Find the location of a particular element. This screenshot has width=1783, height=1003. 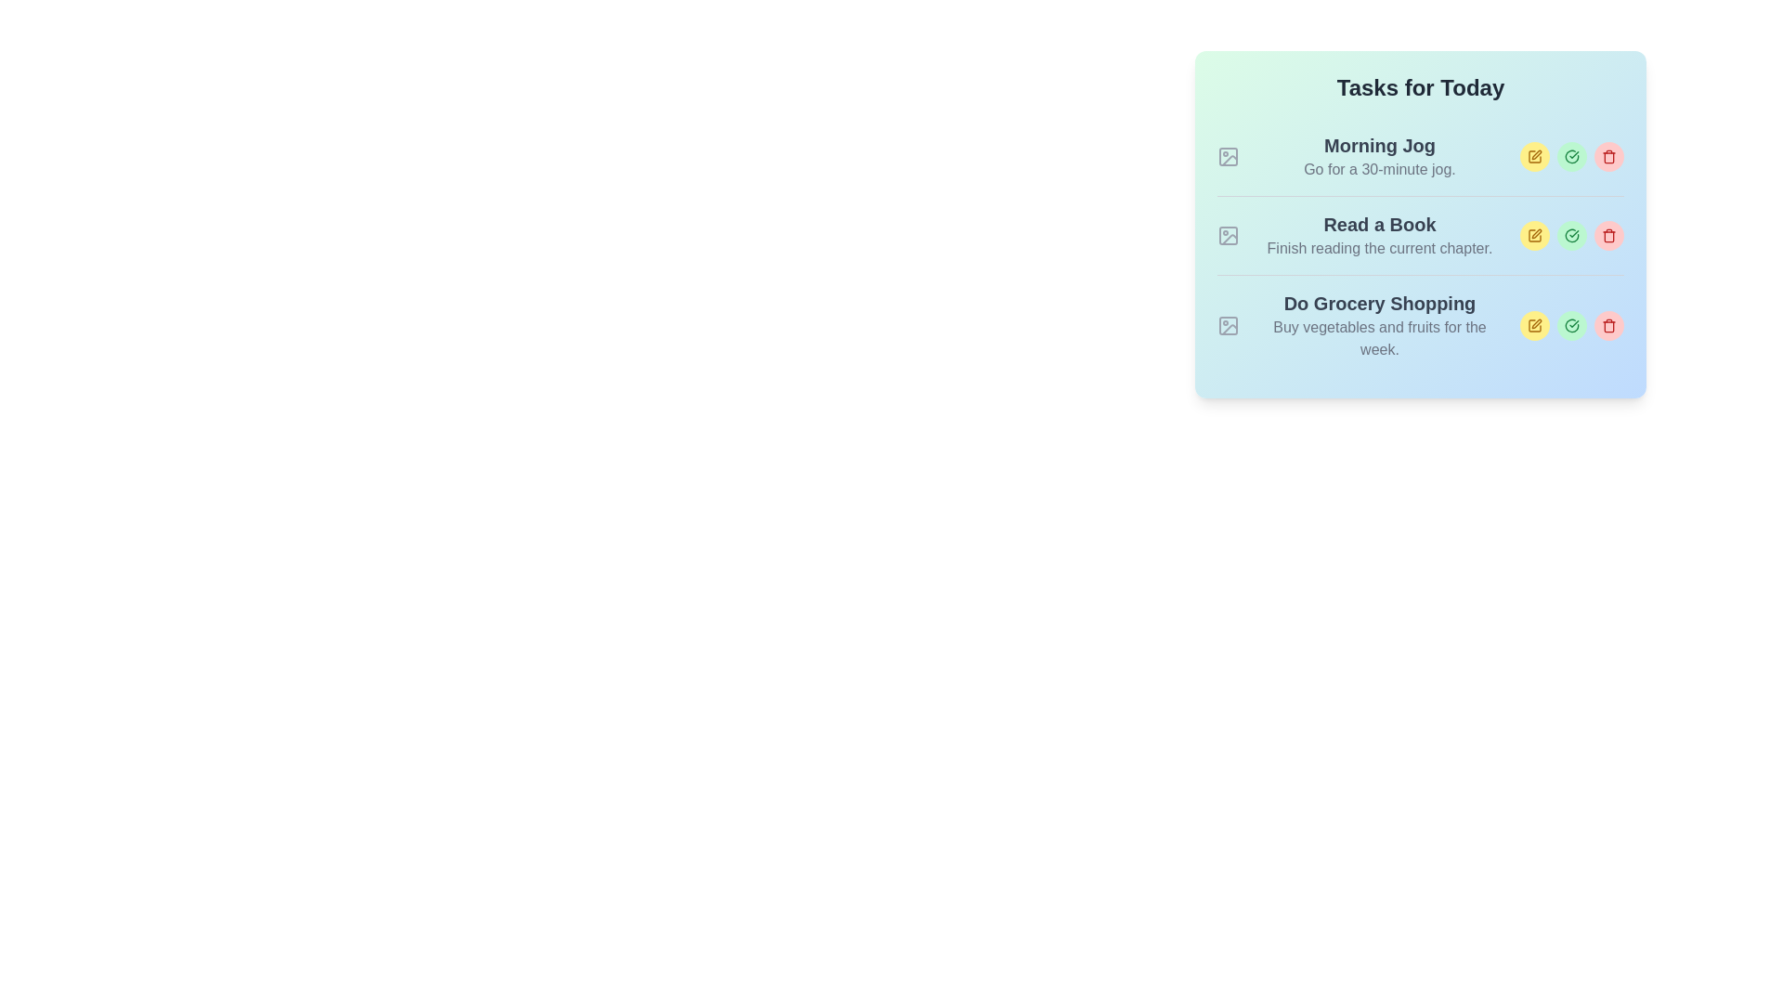

the edit button located in the third row for the task titled 'Do Grocery Shopping' is located at coordinates (1534, 325).